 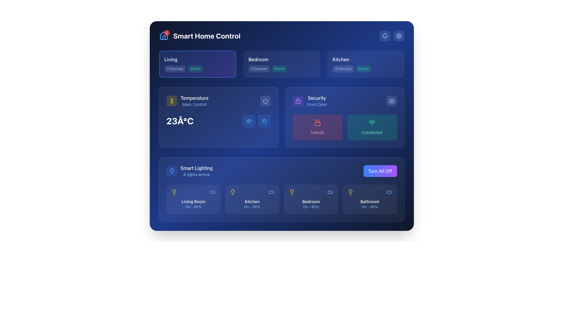 I want to click on the square button with a camera icon inside, located at the top right corner of the 'Security' section, for keyboard navigation, so click(x=391, y=101).